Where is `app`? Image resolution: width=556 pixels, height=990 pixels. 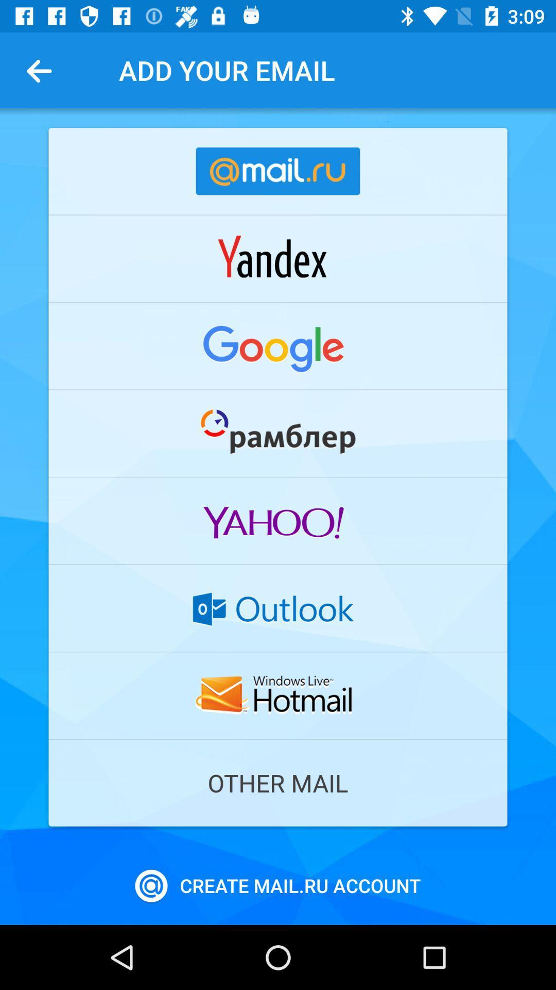 app is located at coordinates (278, 433).